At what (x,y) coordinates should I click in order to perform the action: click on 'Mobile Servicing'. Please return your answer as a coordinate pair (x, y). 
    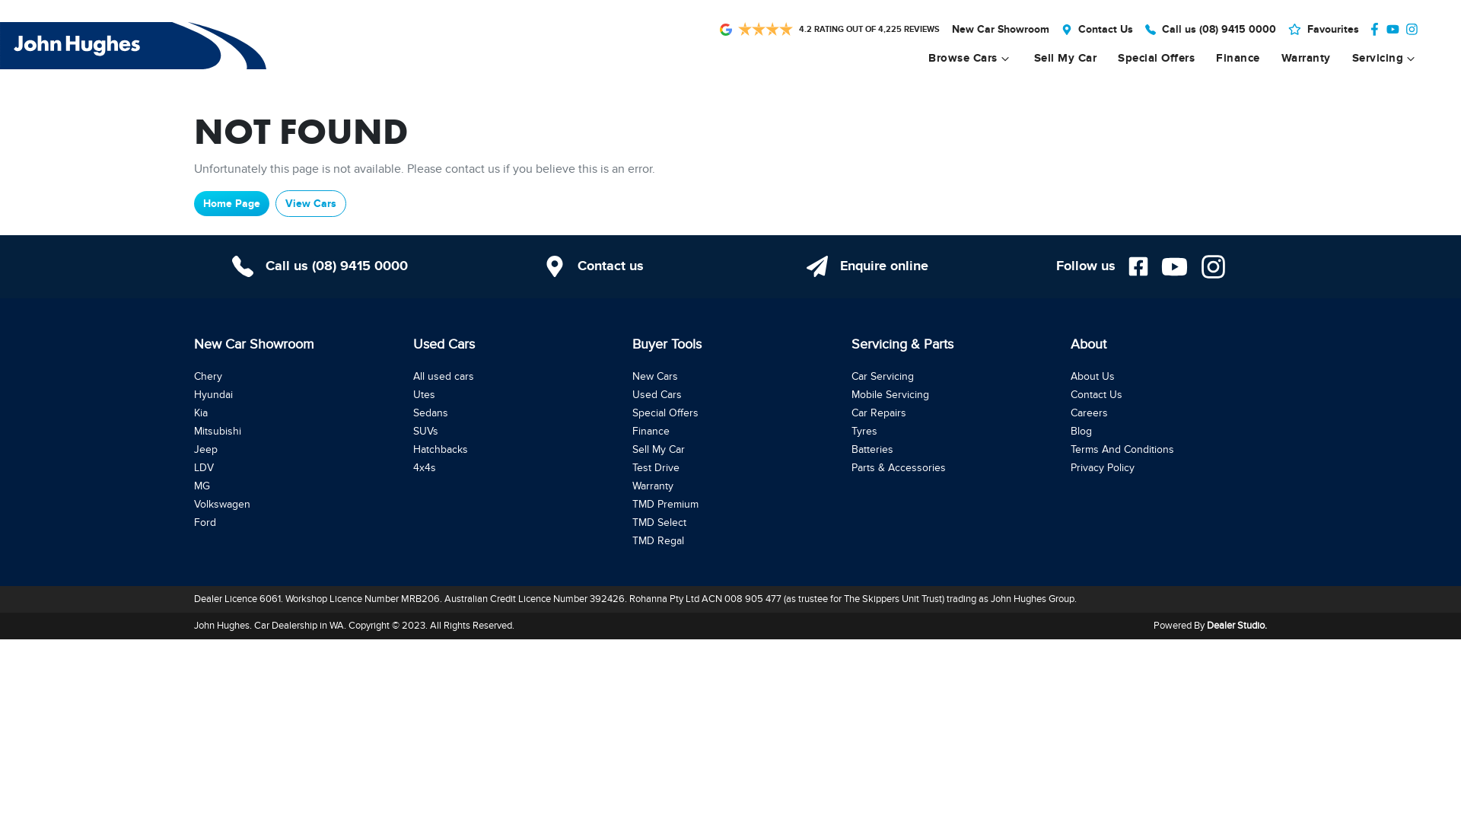
    Looking at the image, I should click on (890, 393).